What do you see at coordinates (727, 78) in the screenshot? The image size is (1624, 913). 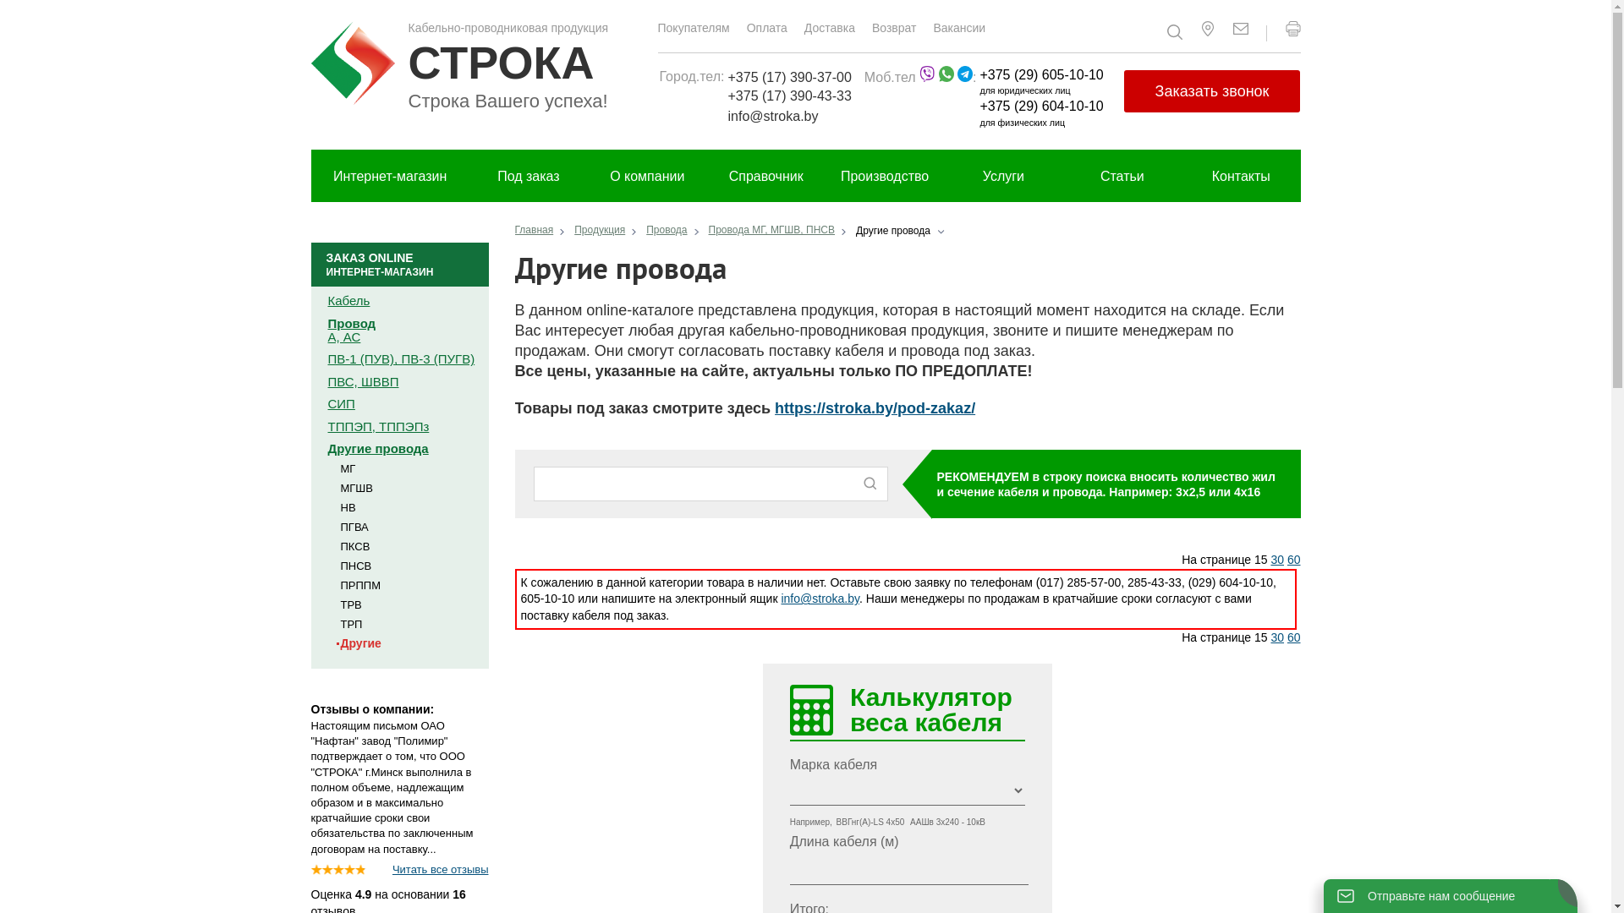 I see `'+375 (17) 390-37-00'` at bounding box center [727, 78].